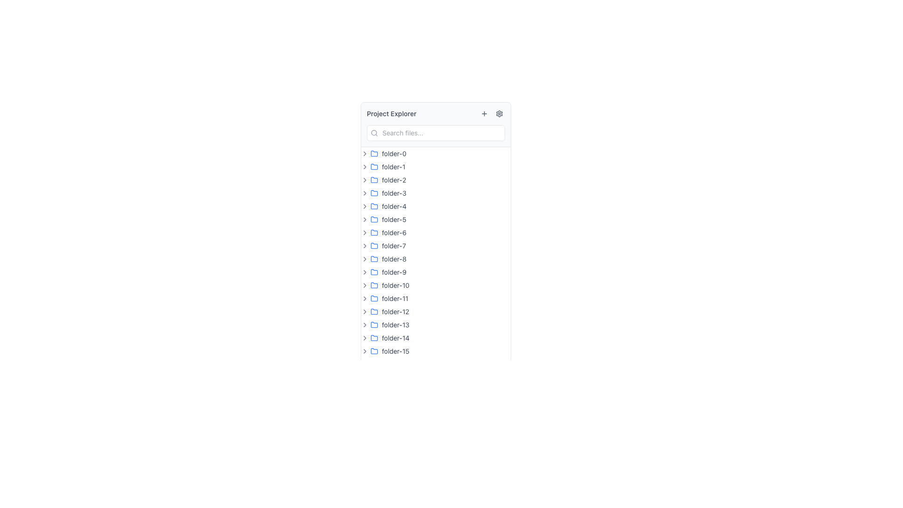 This screenshot has width=903, height=508. What do you see at coordinates (374, 245) in the screenshot?
I see `the blue outline-style icon of an open folder next to the label 'folder-7' in the Project Explorer list` at bounding box center [374, 245].